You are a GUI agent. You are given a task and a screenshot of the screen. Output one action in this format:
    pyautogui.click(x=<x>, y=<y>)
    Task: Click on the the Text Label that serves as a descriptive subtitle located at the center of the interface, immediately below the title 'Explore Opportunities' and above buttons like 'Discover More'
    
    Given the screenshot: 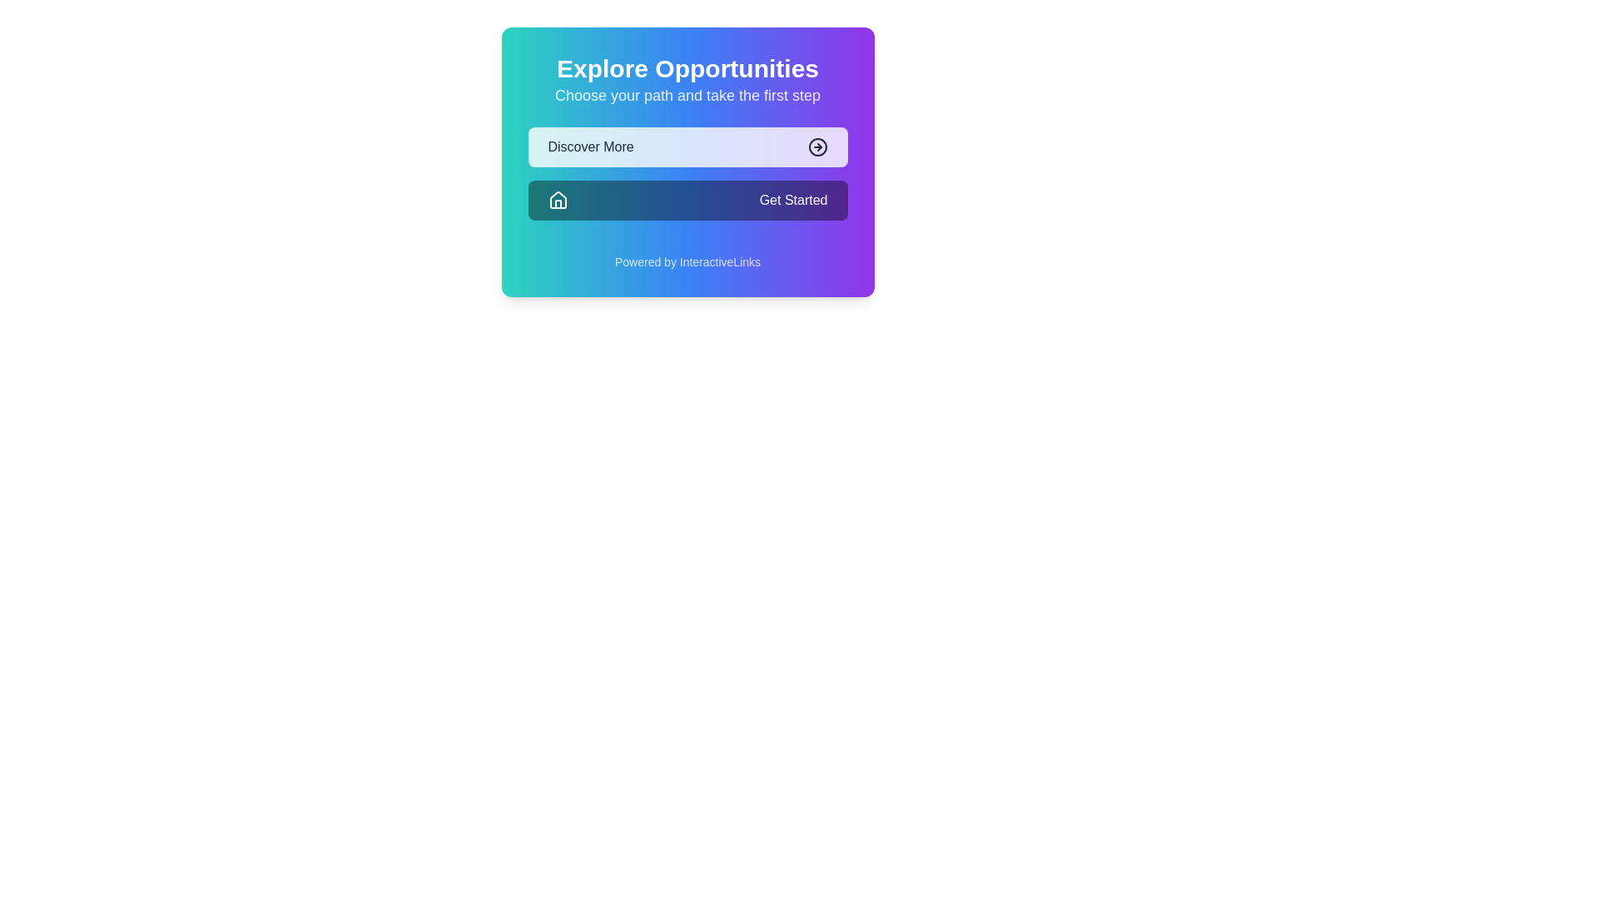 What is the action you would take?
    pyautogui.click(x=687, y=96)
    